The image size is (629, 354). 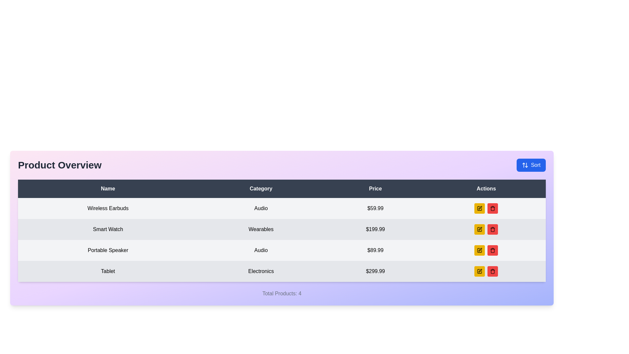 What do you see at coordinates (486, 271) in the screenshot?
I see `the yellow edit button with a pen icon located in the 'Actions' column of the row associated with 'Tablet'` at bounding box center [486, 271].